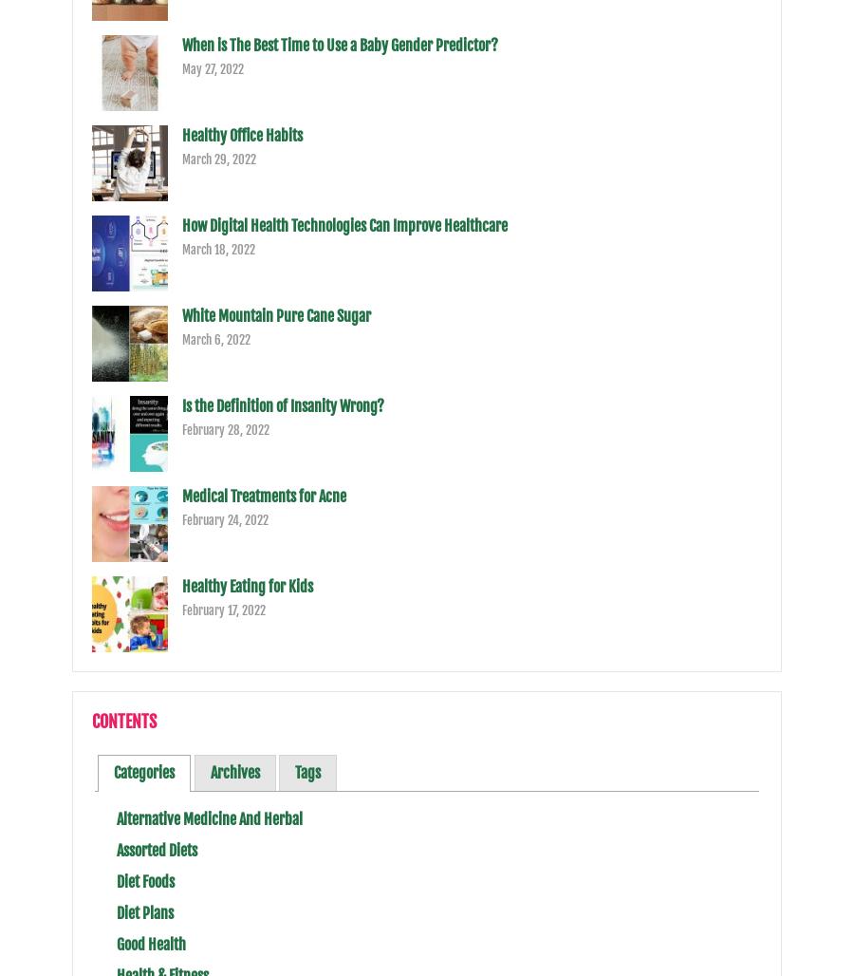 Image resolution: width=854 pixels, height=976 pixels. What do you see at coordinates (113, 772) in the screenshot?
I see `'Categories'` at bounding box center [113, 772].